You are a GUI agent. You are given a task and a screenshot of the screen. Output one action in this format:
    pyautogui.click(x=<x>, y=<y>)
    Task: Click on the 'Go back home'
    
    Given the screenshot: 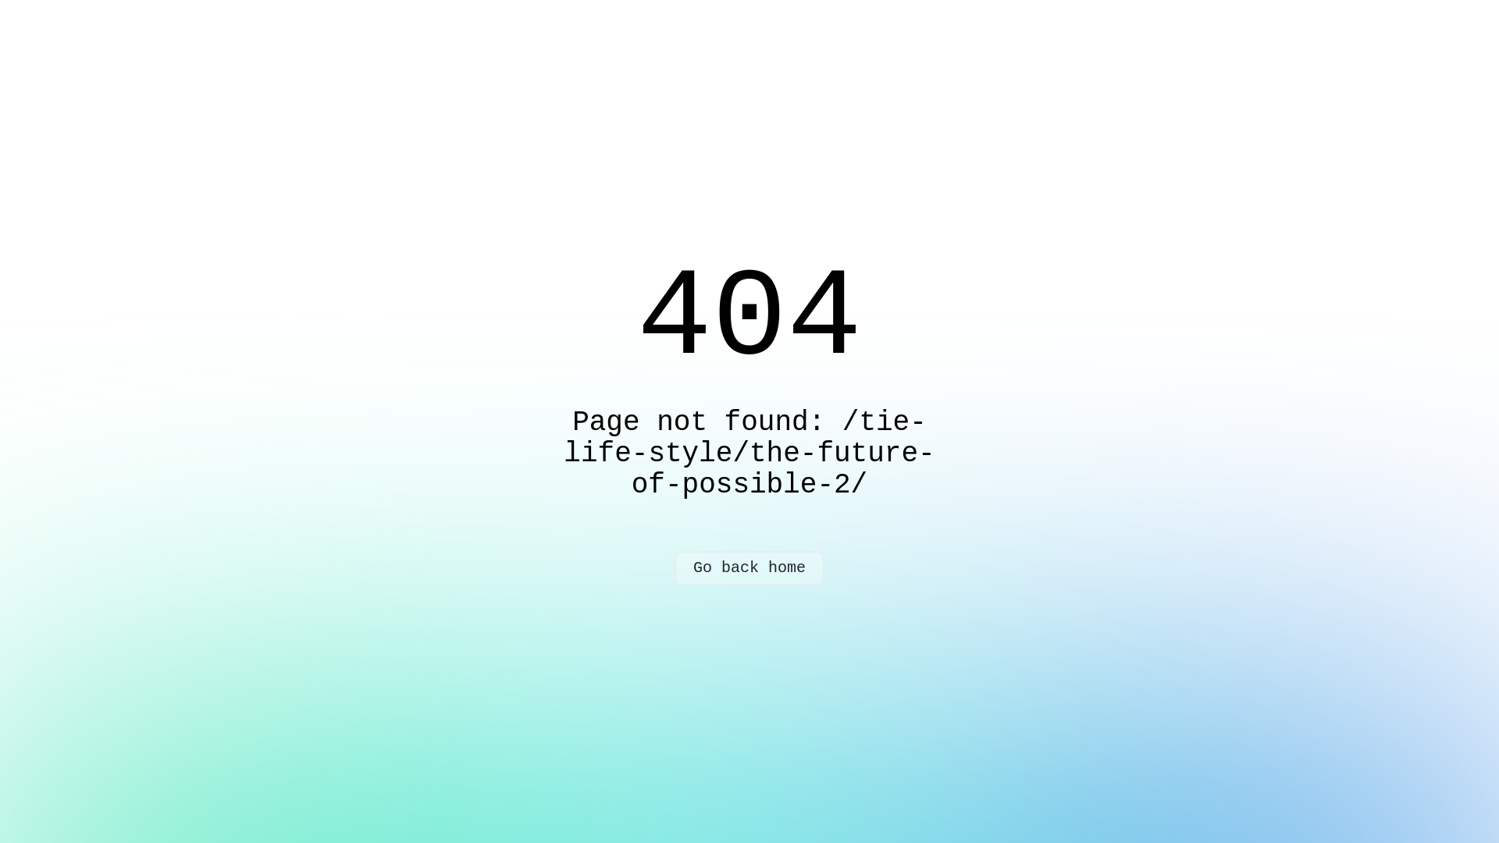 What is the action you would take?
    pyautogui.click(x=749, y=568)
    